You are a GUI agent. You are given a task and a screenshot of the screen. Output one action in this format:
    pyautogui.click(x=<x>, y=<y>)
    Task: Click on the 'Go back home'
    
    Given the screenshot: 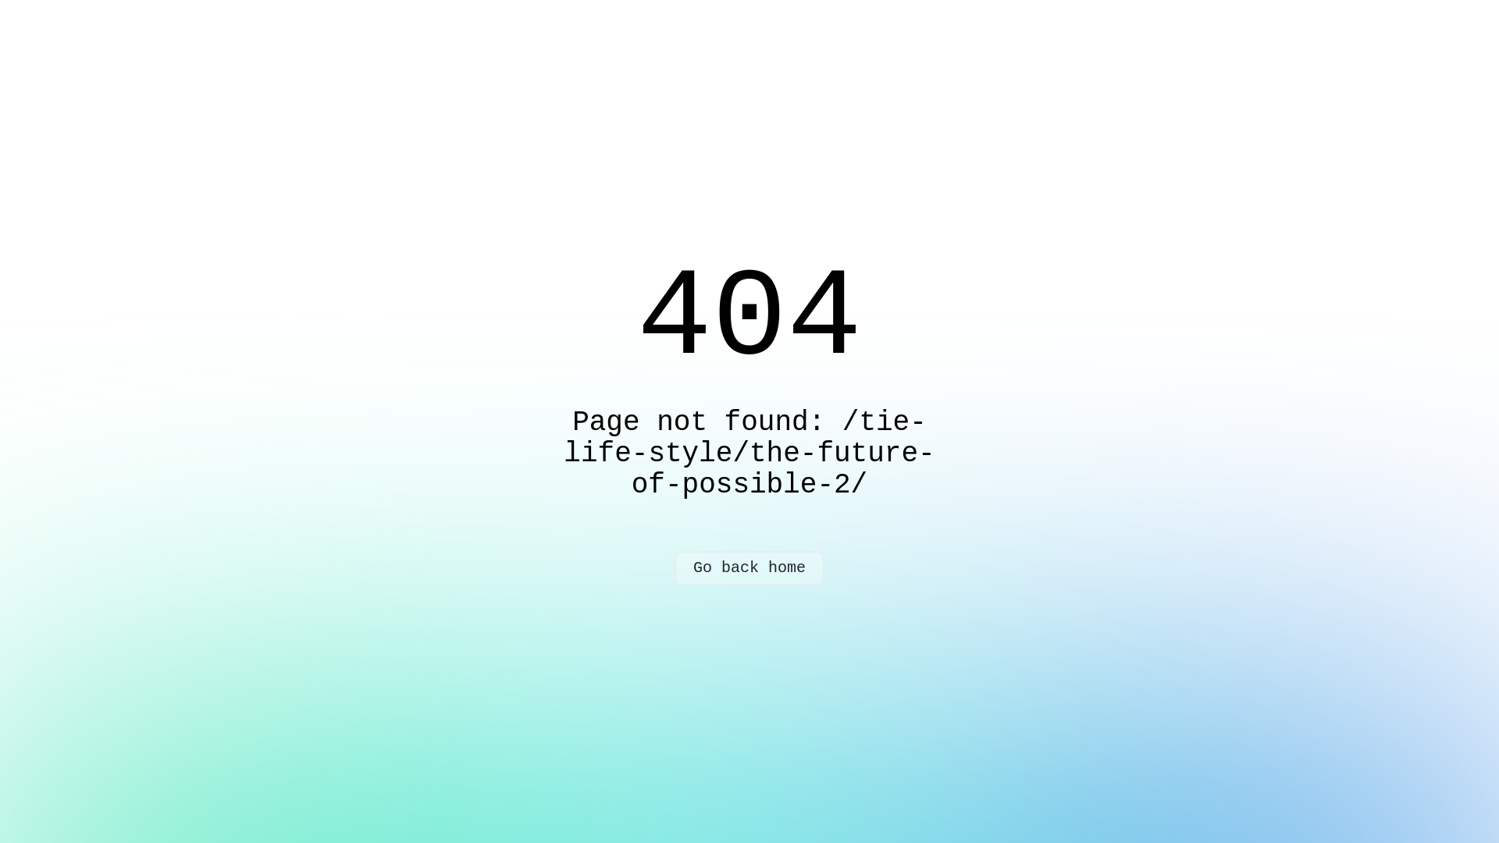 What is the action you would take?
    pyautogui.click(x=749, y=568)
    